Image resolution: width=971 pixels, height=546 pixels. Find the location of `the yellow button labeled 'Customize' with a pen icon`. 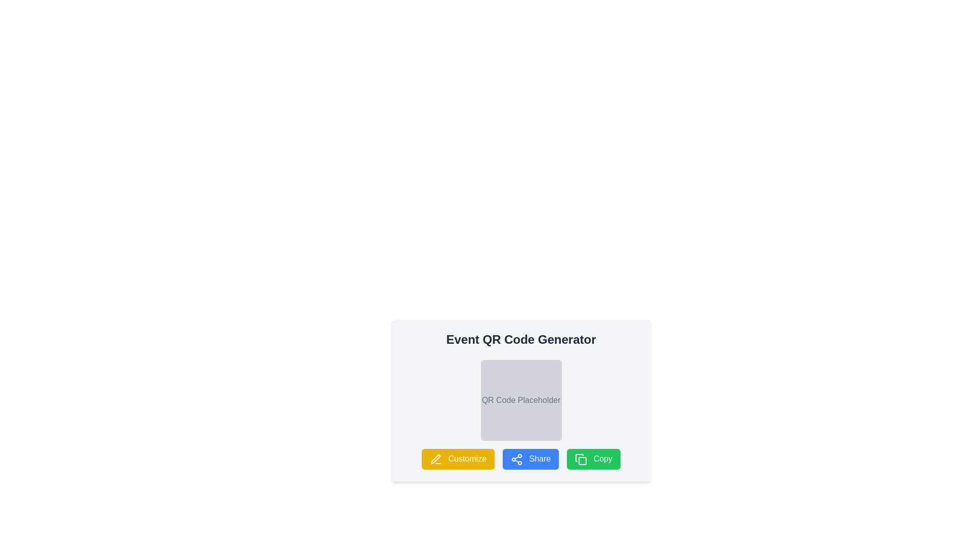

the yellow button labeled 'Customize' with a pen icon is located at coordinates (458, 459).